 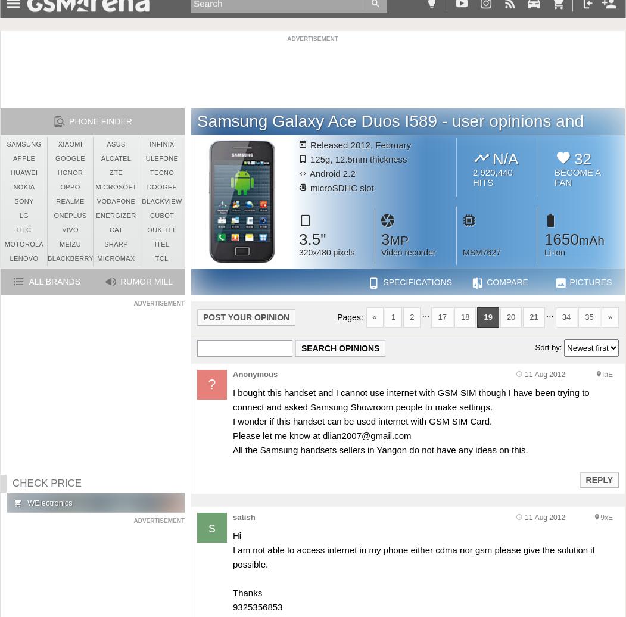 What do you see at coordinates (606, 374) in the screenshot?
I see `'IaE'` at bounding box center [606, 374].